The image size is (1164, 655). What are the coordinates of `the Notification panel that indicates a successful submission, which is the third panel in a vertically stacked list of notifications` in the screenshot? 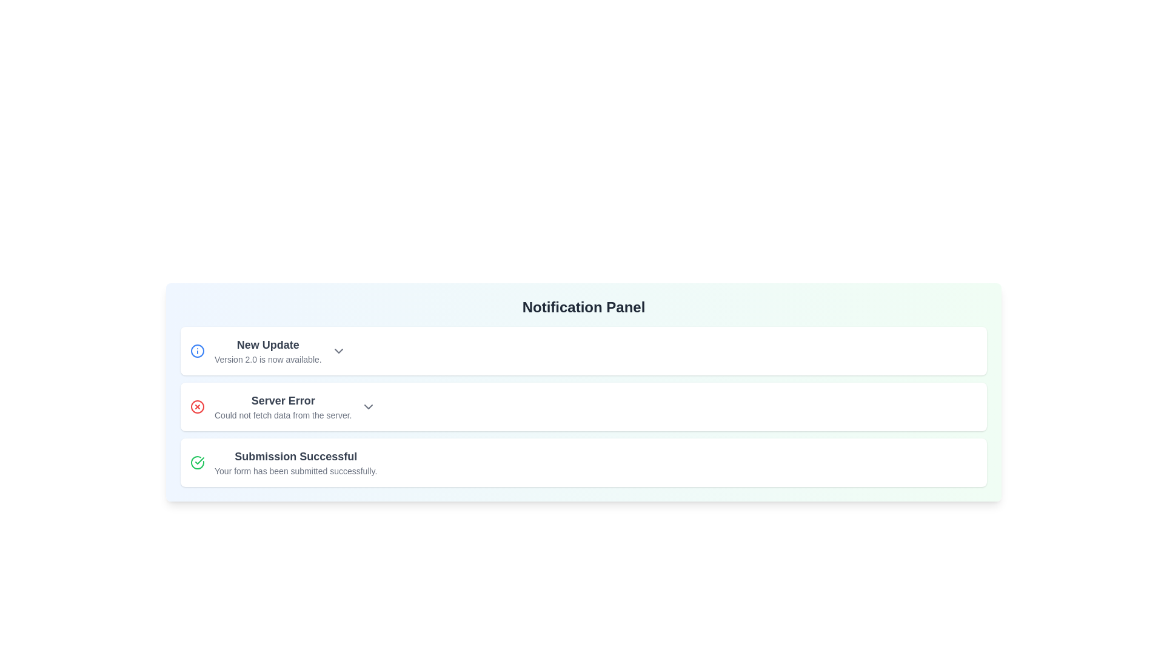 It's located at (584, 463).